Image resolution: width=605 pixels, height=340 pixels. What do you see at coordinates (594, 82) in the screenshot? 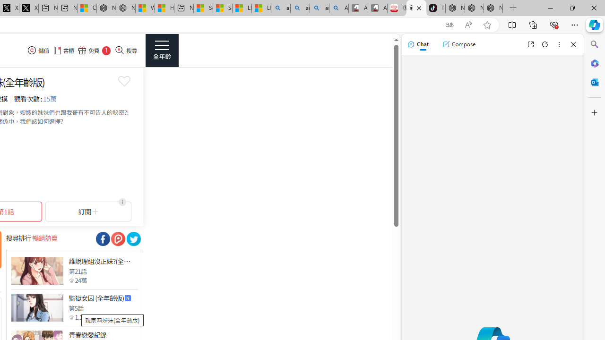
I see `'Outlook'` at bounding box center [594, 82].